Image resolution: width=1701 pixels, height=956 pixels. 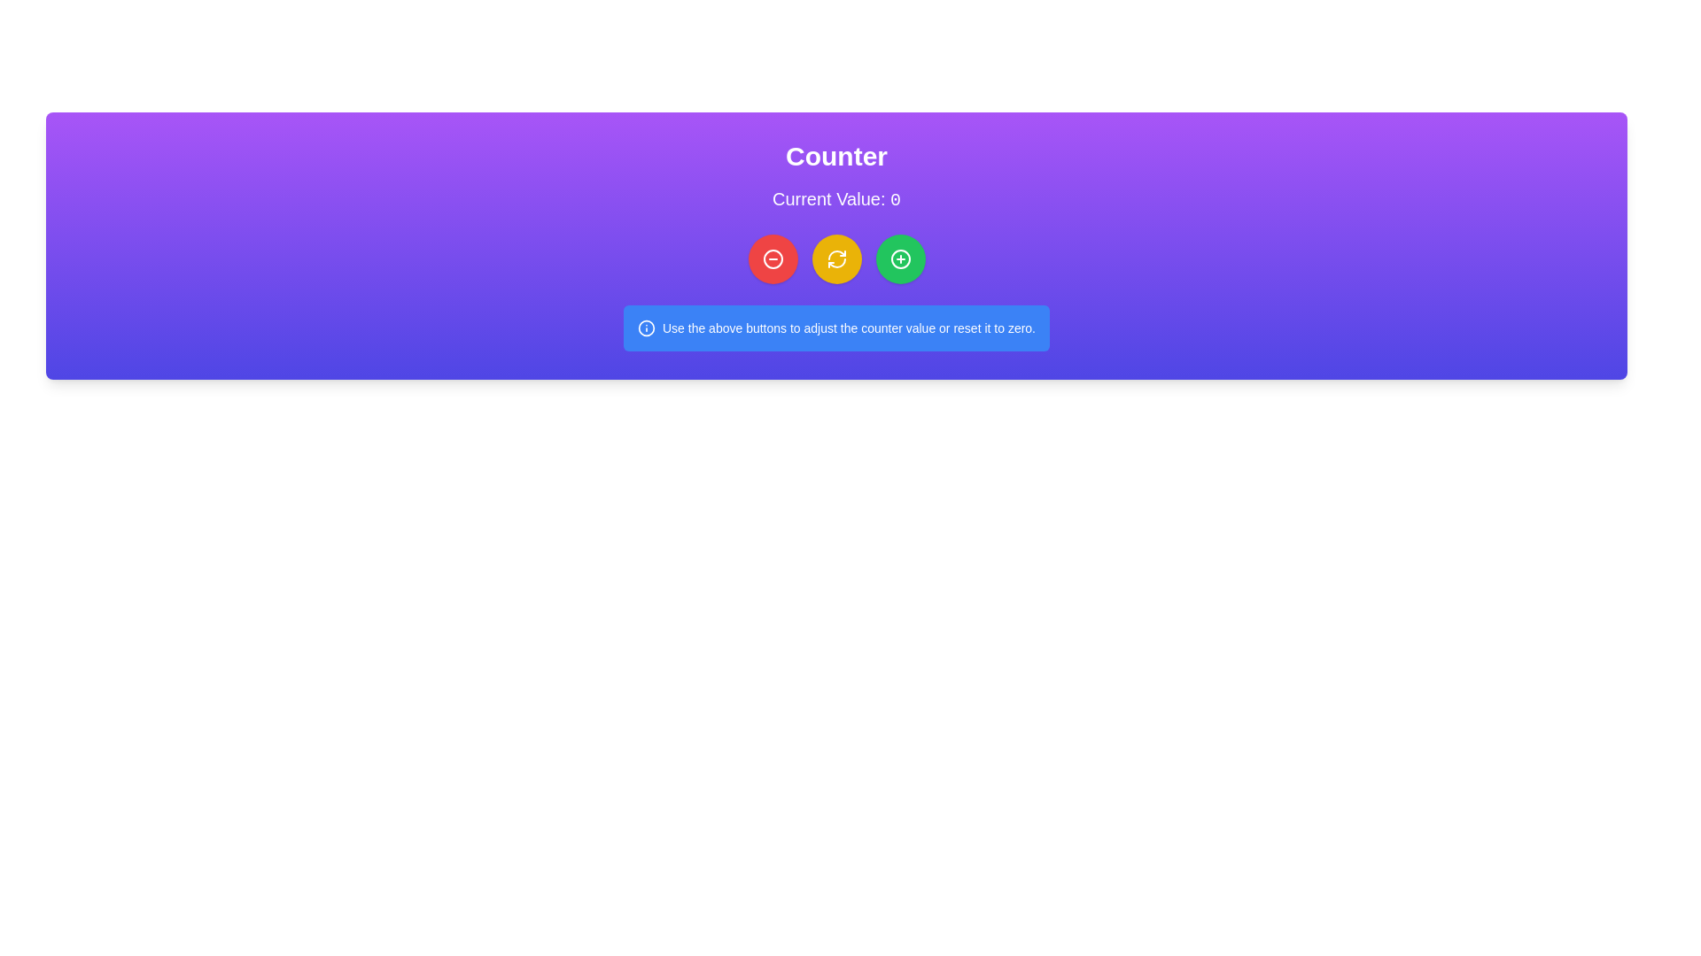 What do you see at coordinates (645, 328) in the screenshot?
I see `the graphical indicator icon located centrally in the interface, below the colored buttons and inside the informational note box` at bounding box center [645, 328].